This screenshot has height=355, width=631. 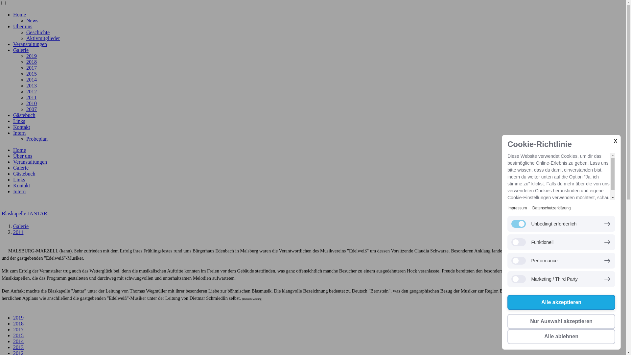 I want to click on '2015', so click(x=31, y=74).